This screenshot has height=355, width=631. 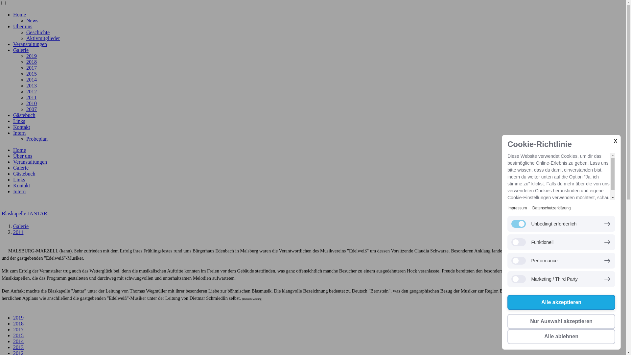 I want to click on '2015', so click(x=31, y=74).